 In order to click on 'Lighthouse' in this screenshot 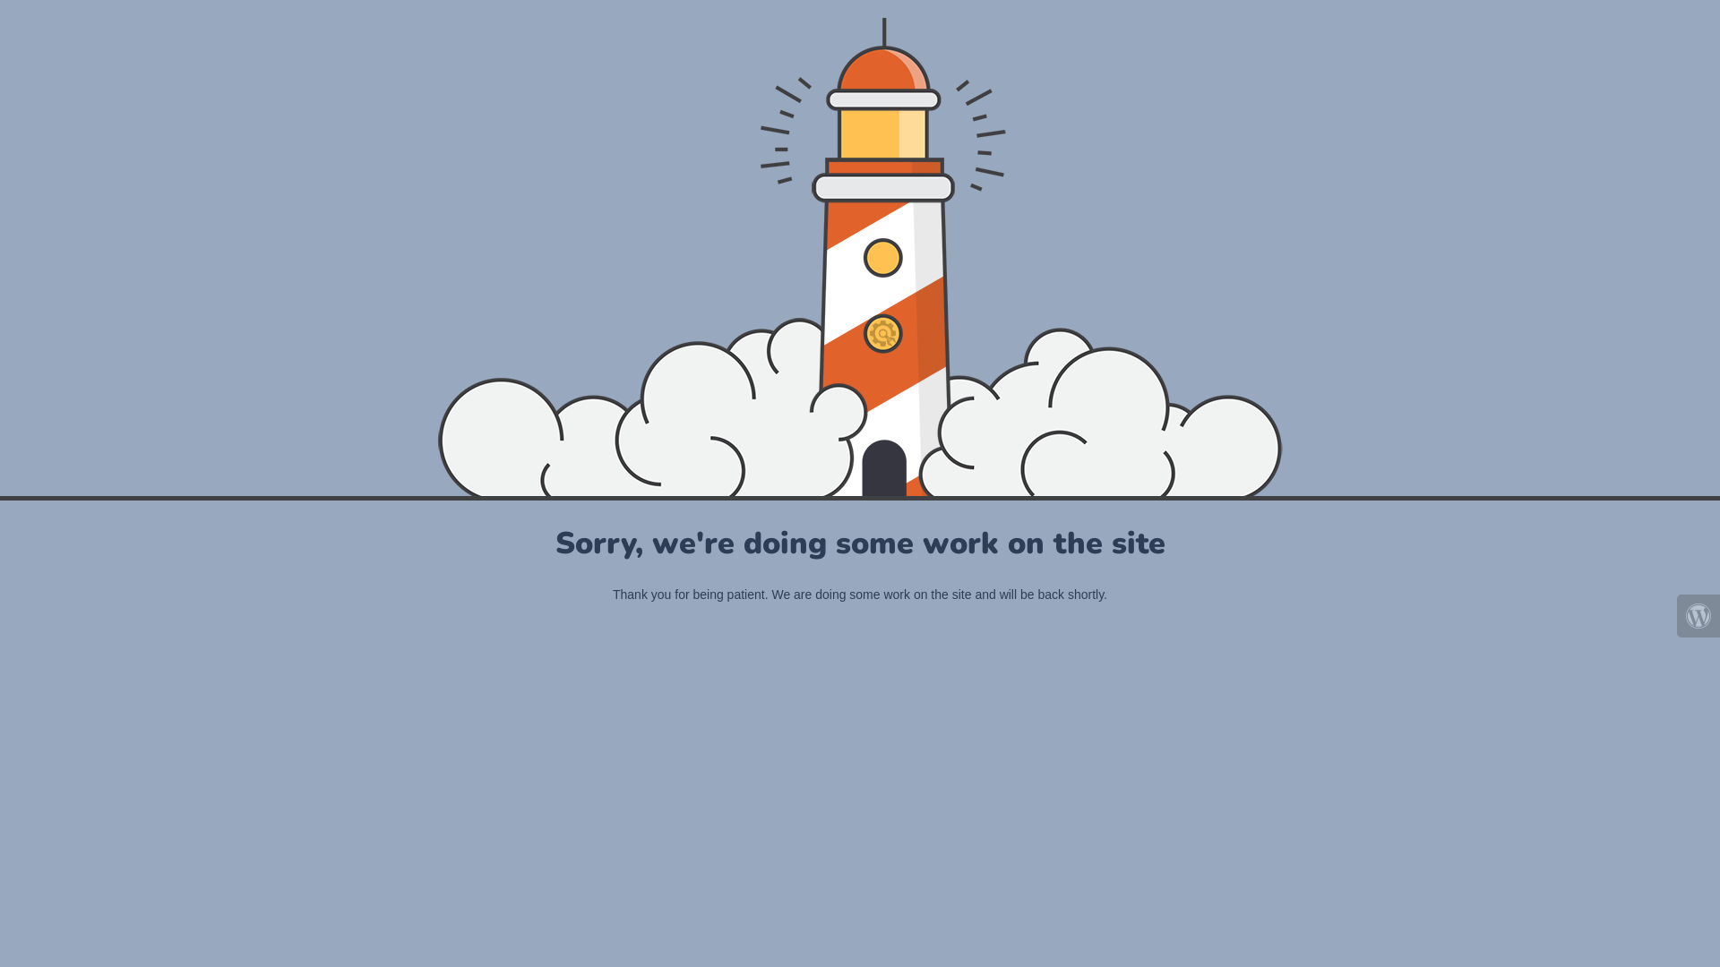, I will do `click(858, 256)`.